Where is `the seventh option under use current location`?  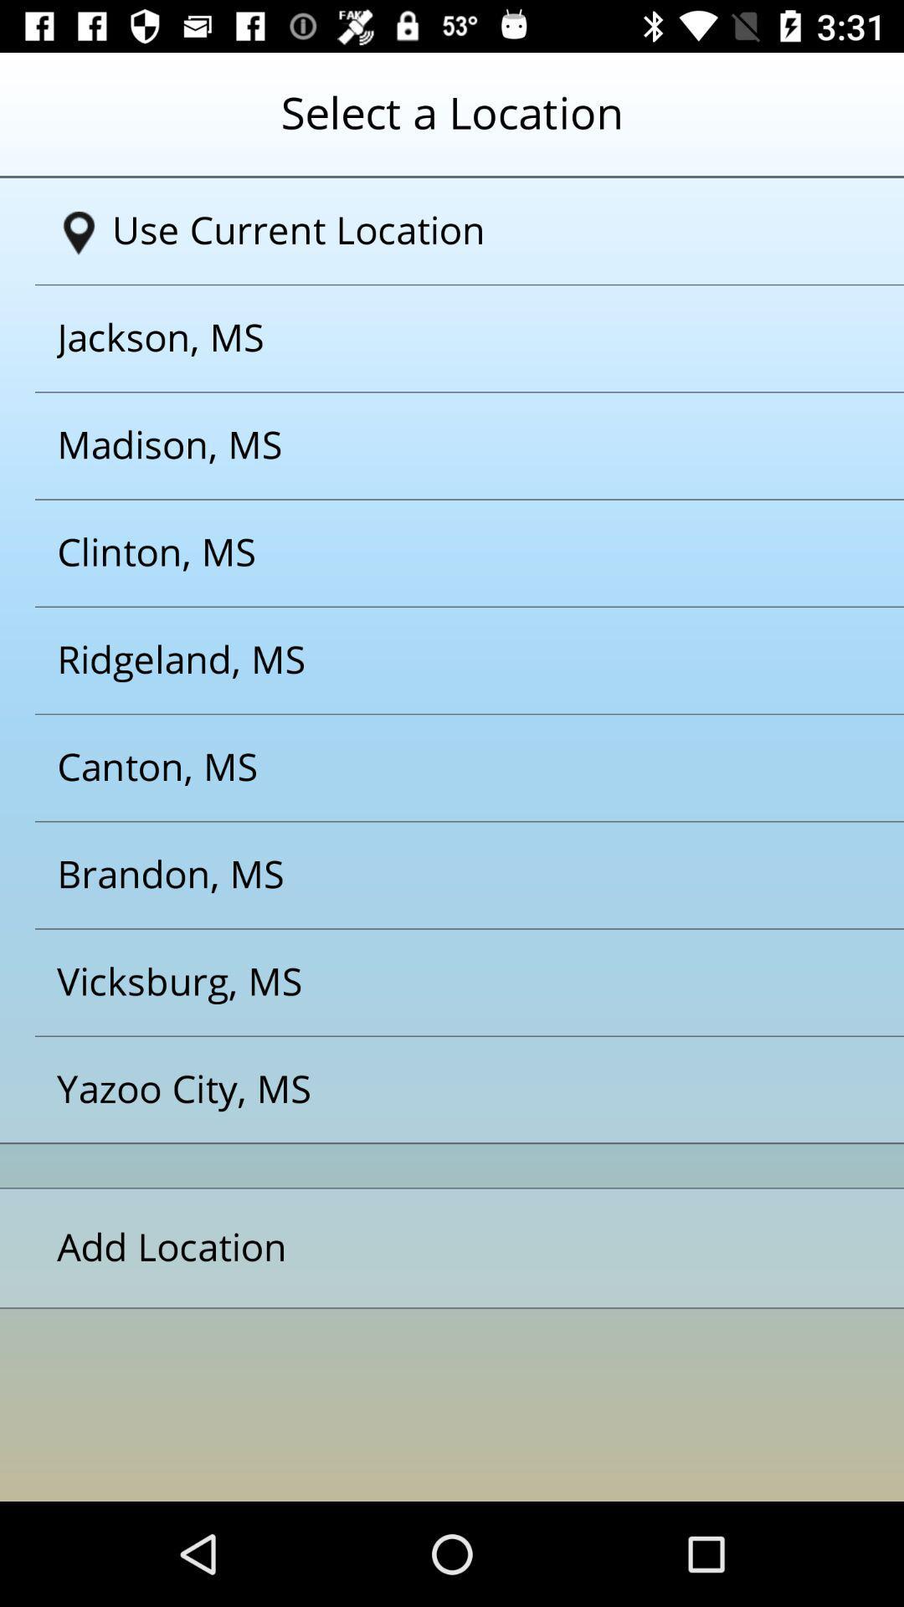 the seventh option under use current location is located at coordinates (430, 983).